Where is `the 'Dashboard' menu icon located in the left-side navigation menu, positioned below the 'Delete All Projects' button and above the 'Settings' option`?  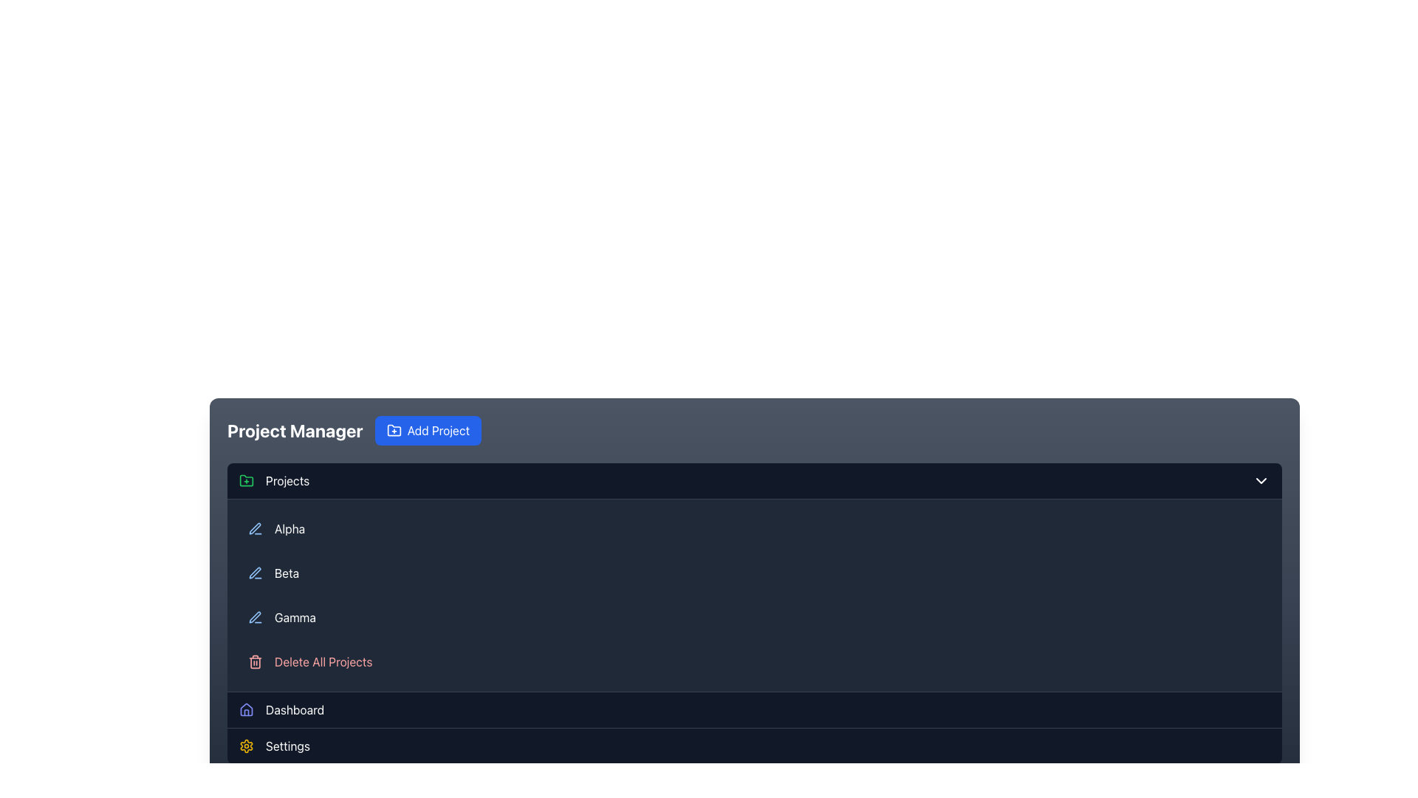 the 'Dashboard' menu icon located in the left-side navigation menu, positioned below the 'Delete All Projects' button and above the 'Settings' option is located at coordinates (247, 709).